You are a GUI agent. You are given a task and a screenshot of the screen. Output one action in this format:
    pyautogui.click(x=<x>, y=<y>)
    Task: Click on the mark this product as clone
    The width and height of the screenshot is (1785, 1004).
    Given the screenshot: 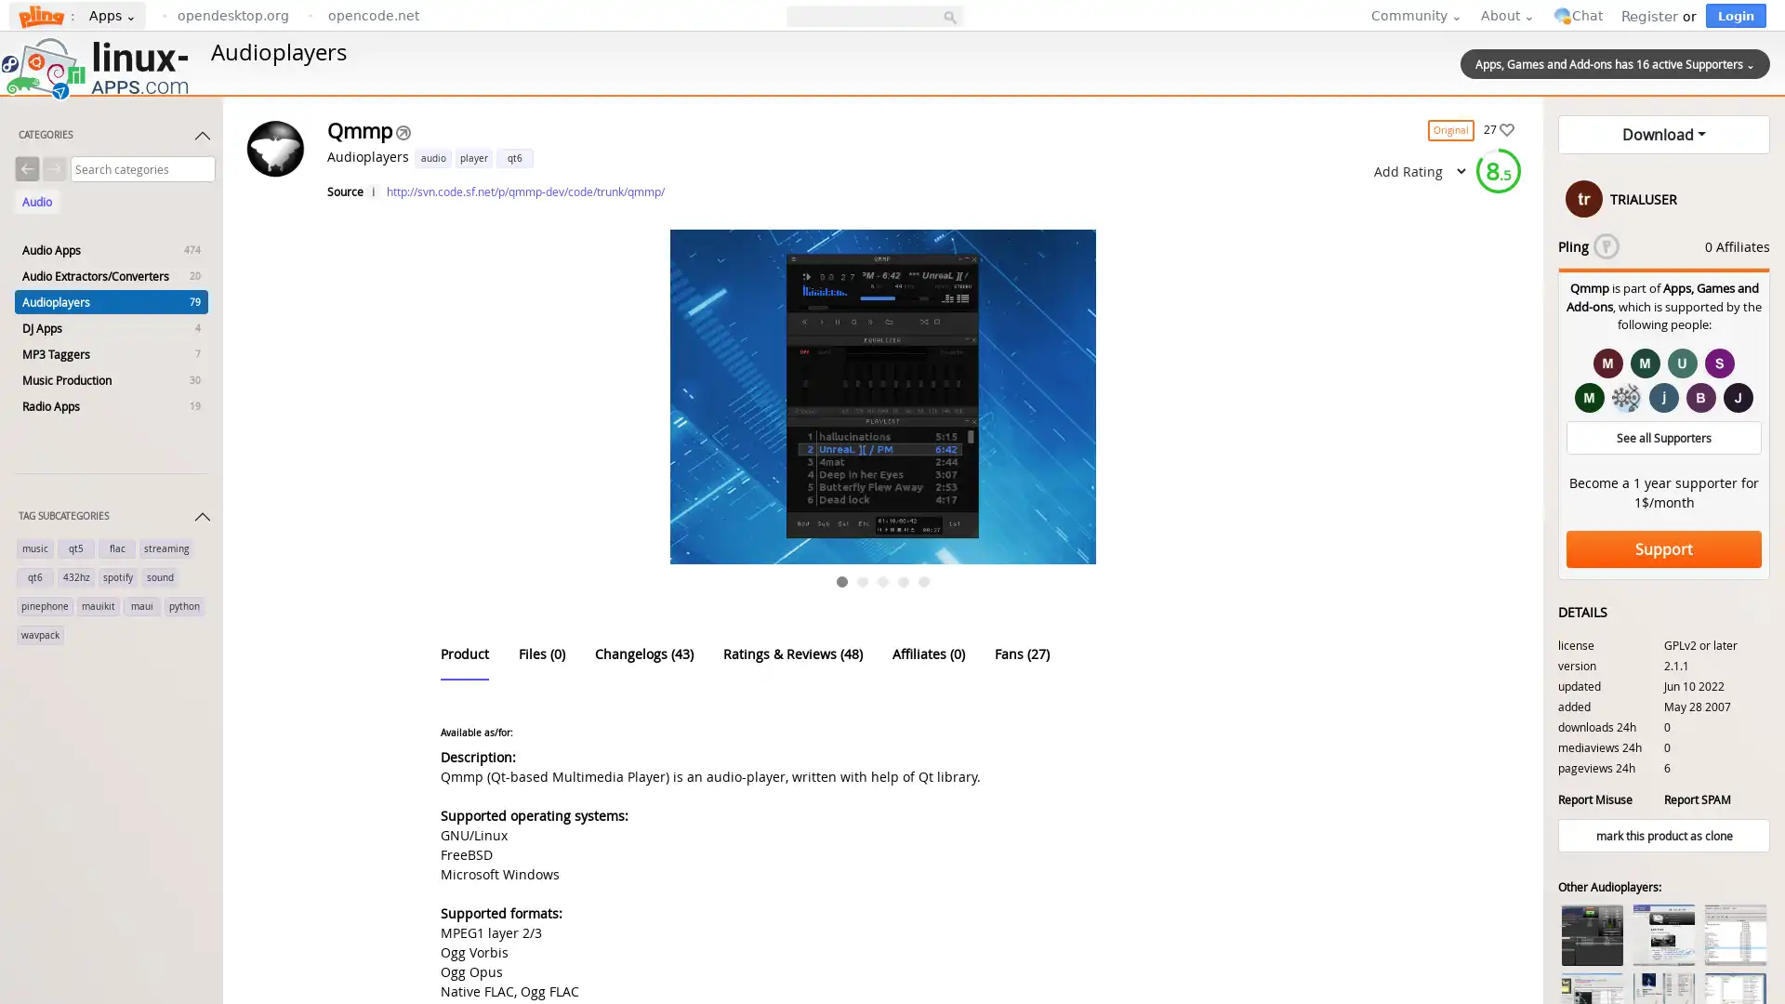 What is the action you would take?
    pyautogui.click(x=1664, y=834)
    